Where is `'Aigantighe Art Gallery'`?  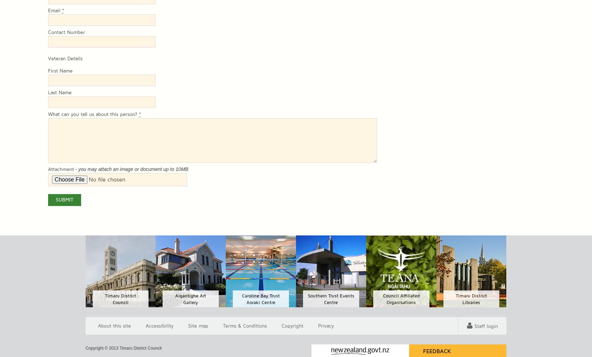
'Aigantighe Art Gallery' is located at coordinates (191, 299).